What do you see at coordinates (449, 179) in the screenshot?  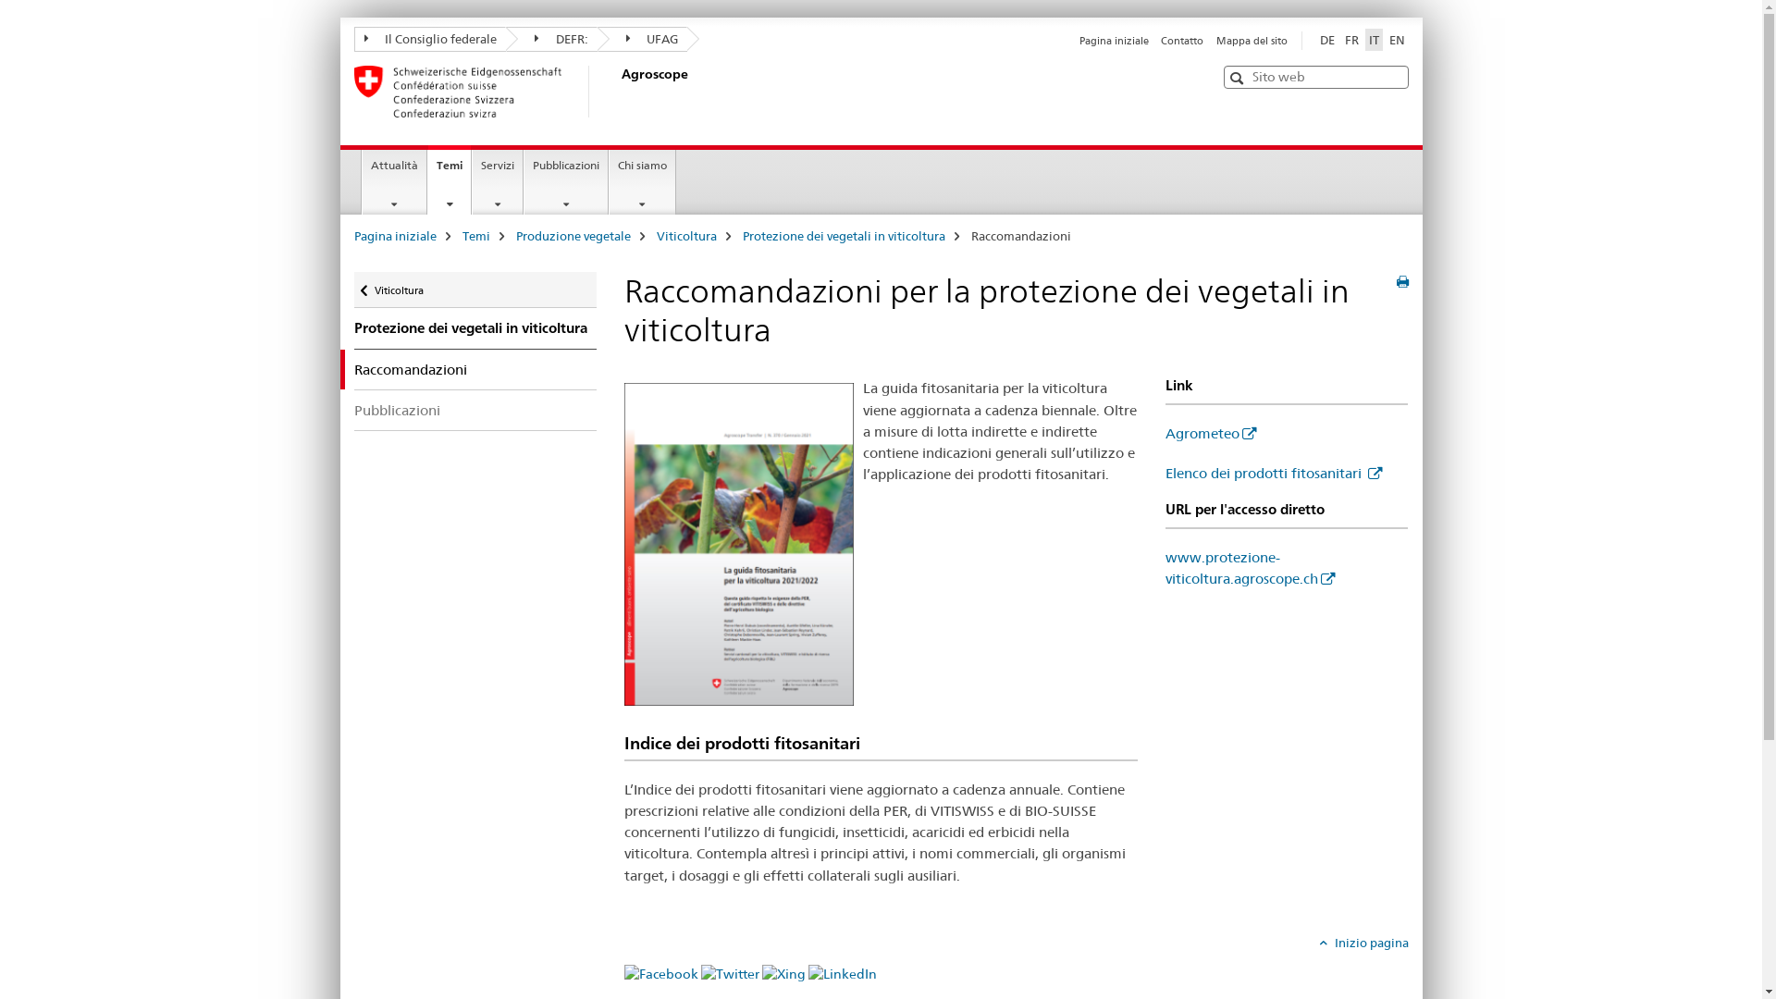 I see `'Temi` at bounding box center [449, 179].